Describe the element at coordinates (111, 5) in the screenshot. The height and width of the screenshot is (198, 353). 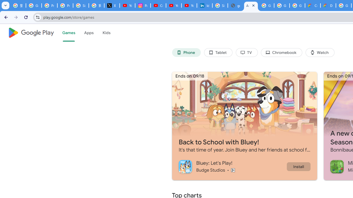
I see `'X'` at that location.